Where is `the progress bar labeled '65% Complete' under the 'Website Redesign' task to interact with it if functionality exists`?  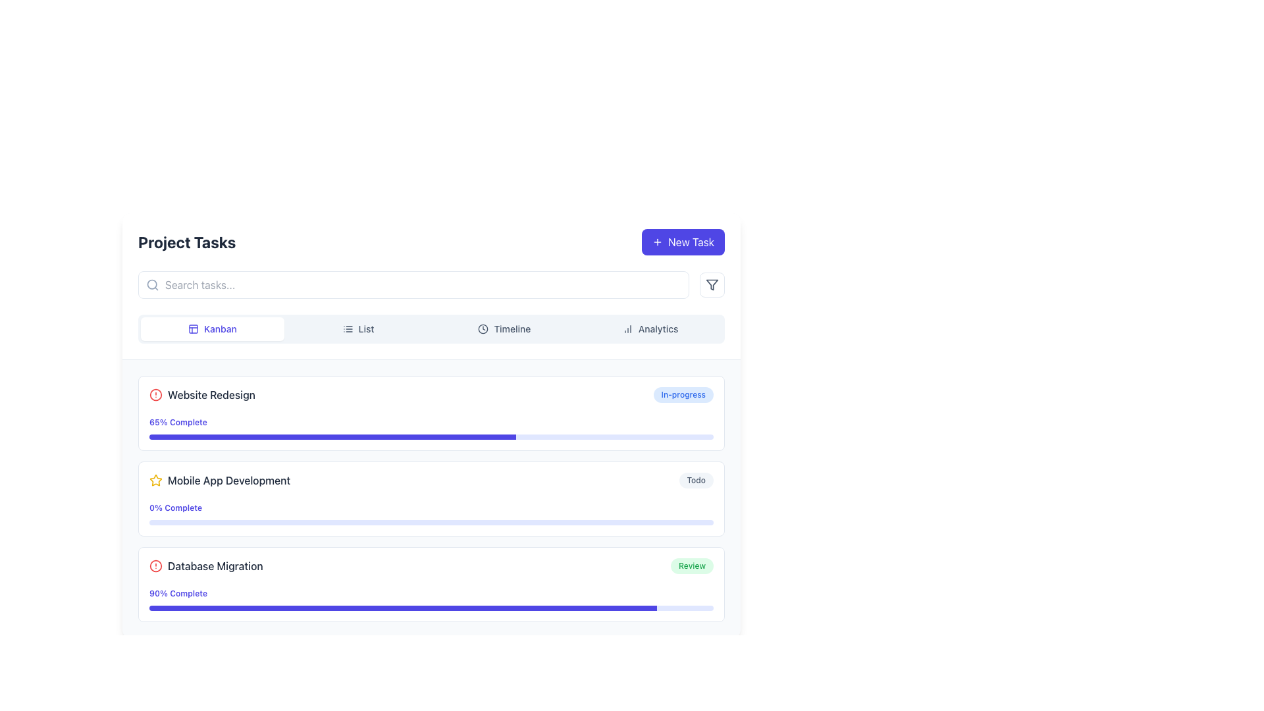 the progress bar labeled '65% Complete' under the 'Website Redesign' task to interact with it if functionality exists is located at coordinates (431, 425).